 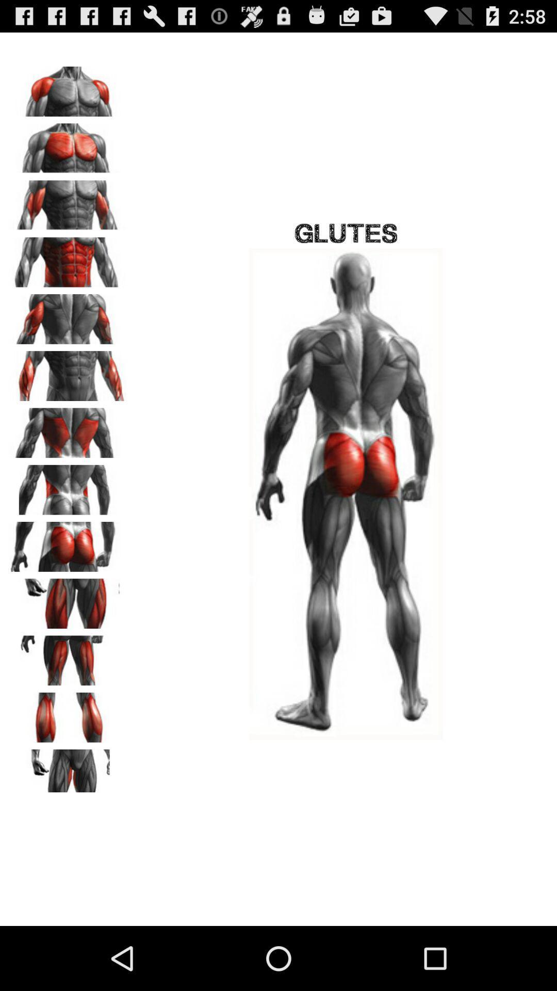 What do you see at coordinates (68, 429) in the screenshot?
I see `muscle area` at bounding box center [68, 429].